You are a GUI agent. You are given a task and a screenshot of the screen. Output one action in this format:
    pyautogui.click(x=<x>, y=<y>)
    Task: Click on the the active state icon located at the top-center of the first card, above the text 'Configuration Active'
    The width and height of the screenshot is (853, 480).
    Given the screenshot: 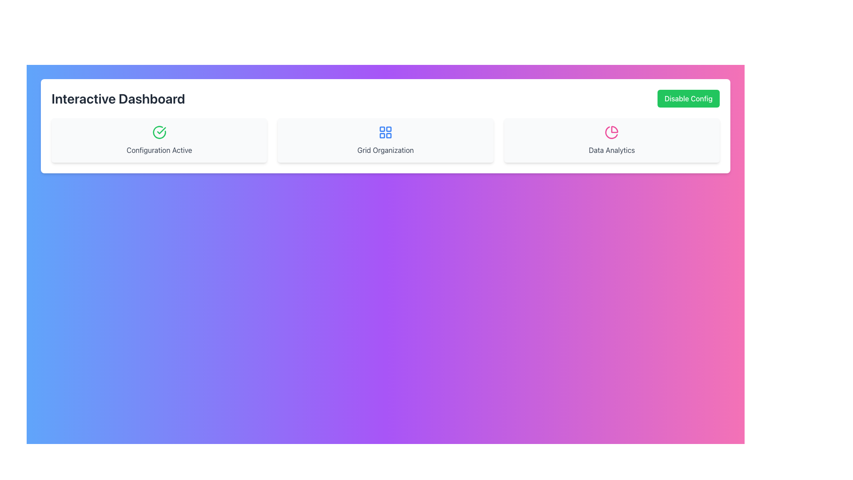 What is the action you would take?
    pyautogui.click(x=159, y=132)
    